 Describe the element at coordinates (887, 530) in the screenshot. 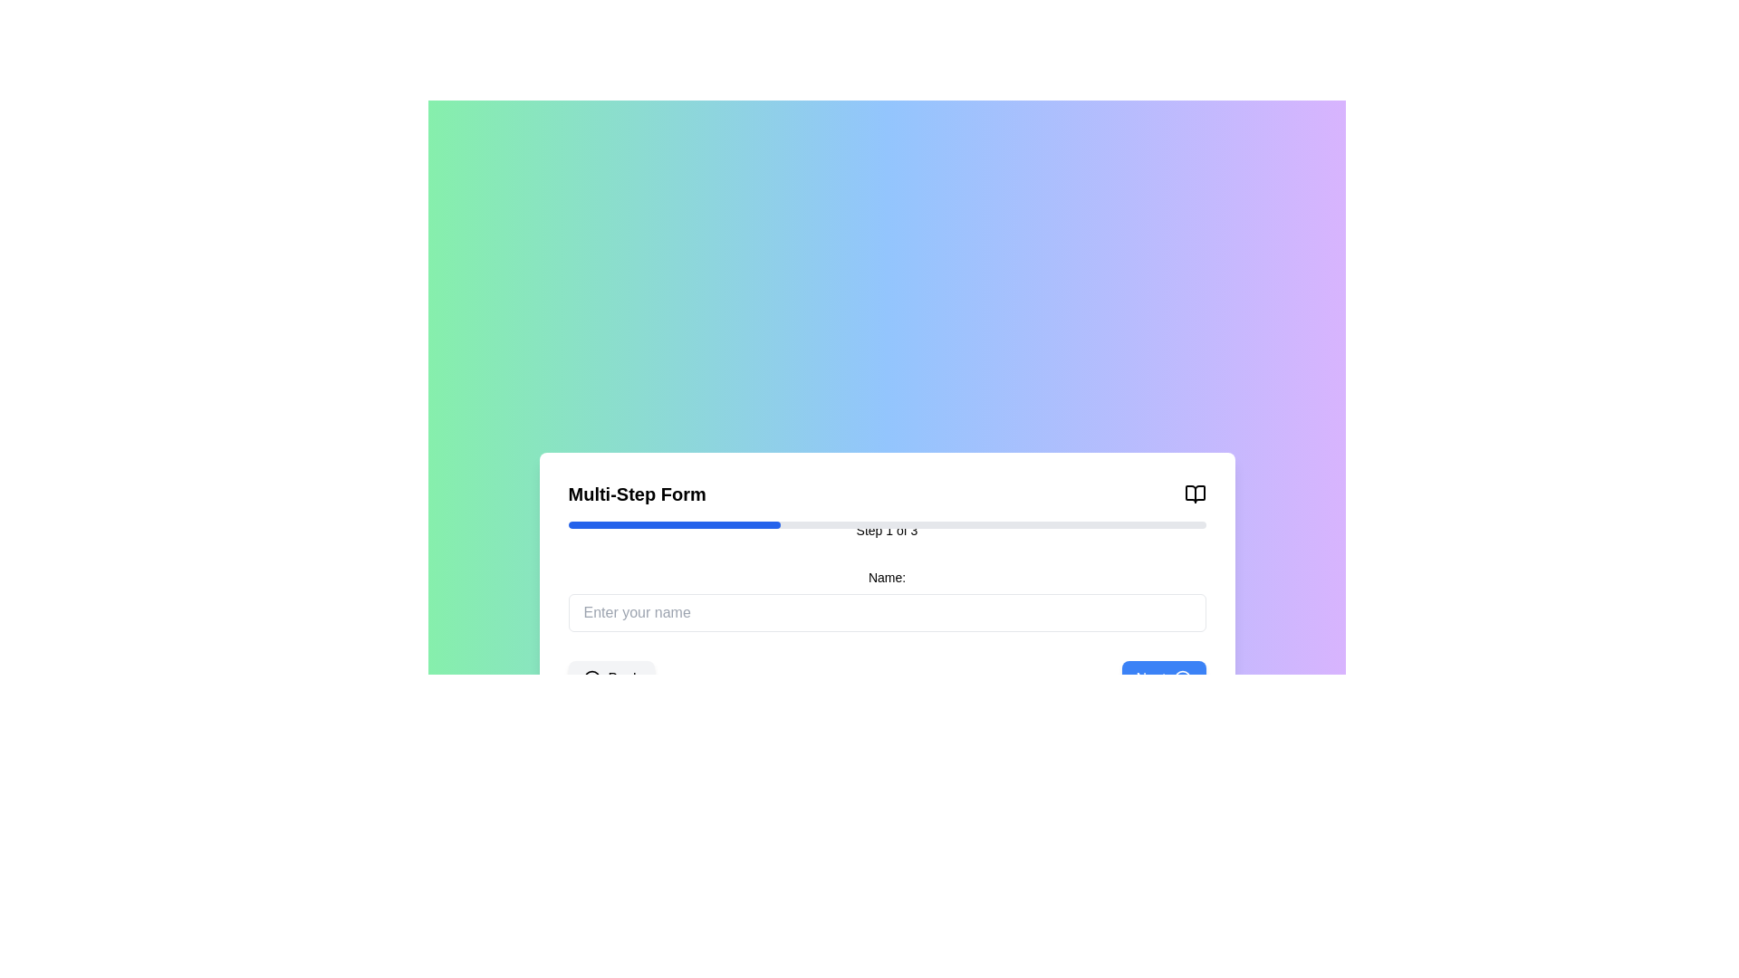

I see `the Text Label that indicates the current step of the multi-step form, located beneath the horizontal progress bar and centrally aligned within the form layout` at that location.